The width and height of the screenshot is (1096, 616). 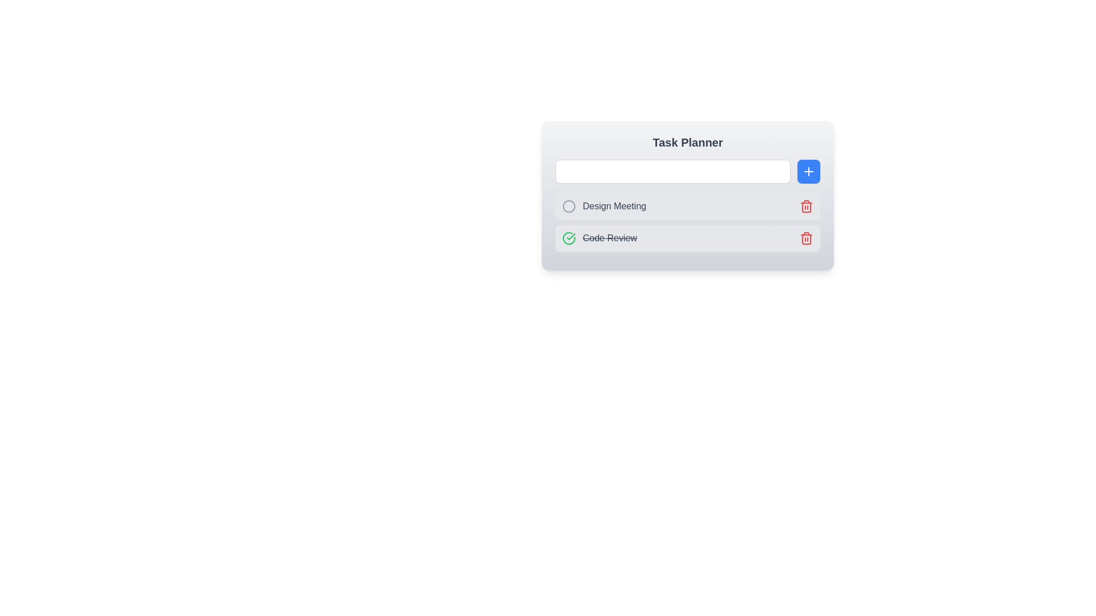 What do you see at coordinates (571, 236) in the screenshot?
I see `the green circular checkmark icon that visually signifies the completion of the 'Code Review' task` at bounding box center [571, 236].